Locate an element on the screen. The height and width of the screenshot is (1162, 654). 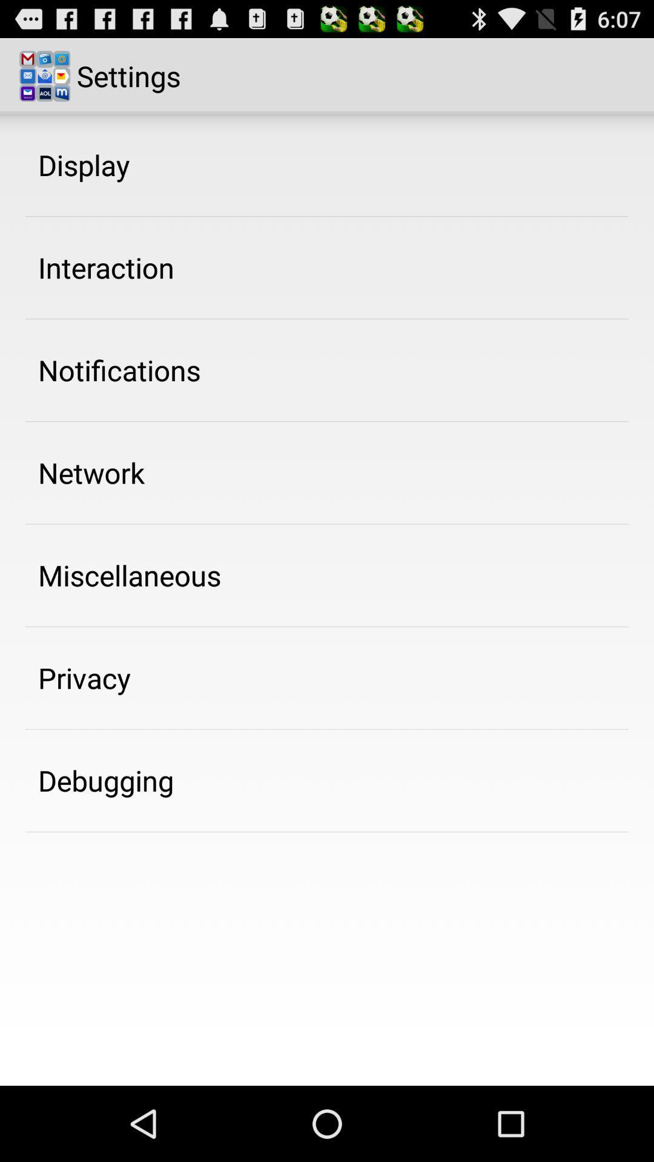
the app below notifications app is located at coordinates (91, 472).